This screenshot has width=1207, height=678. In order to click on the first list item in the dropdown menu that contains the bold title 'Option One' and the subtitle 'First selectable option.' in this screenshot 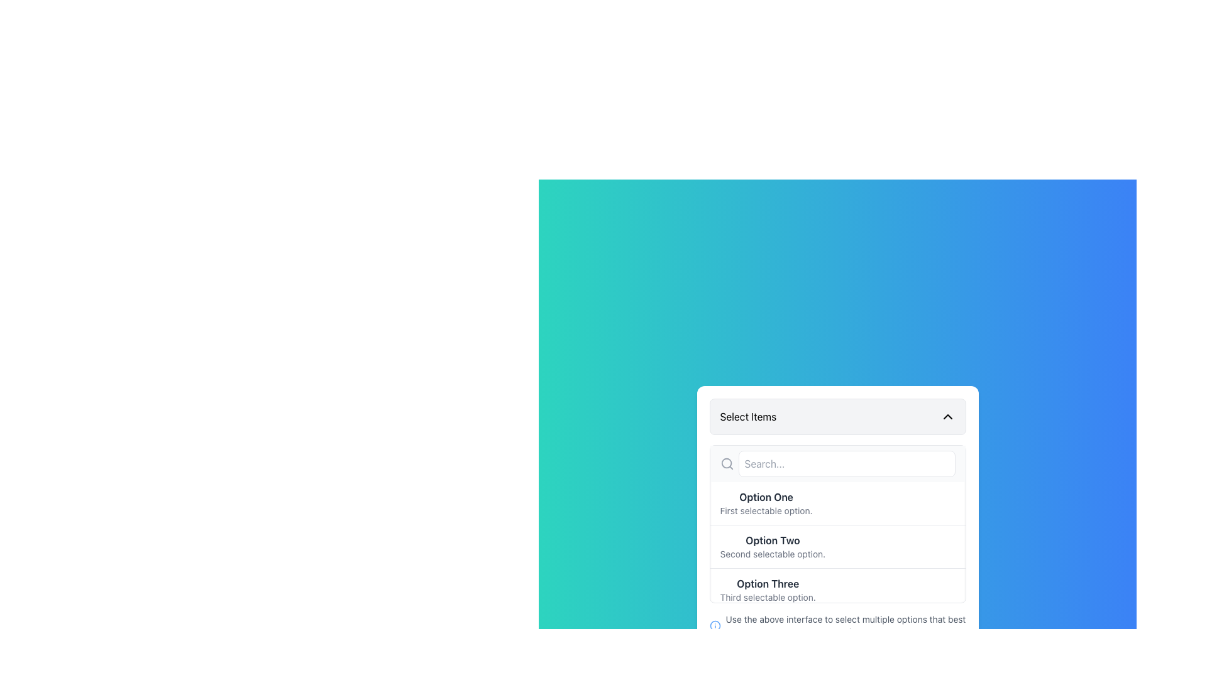, I will do `click(837, 503)`.